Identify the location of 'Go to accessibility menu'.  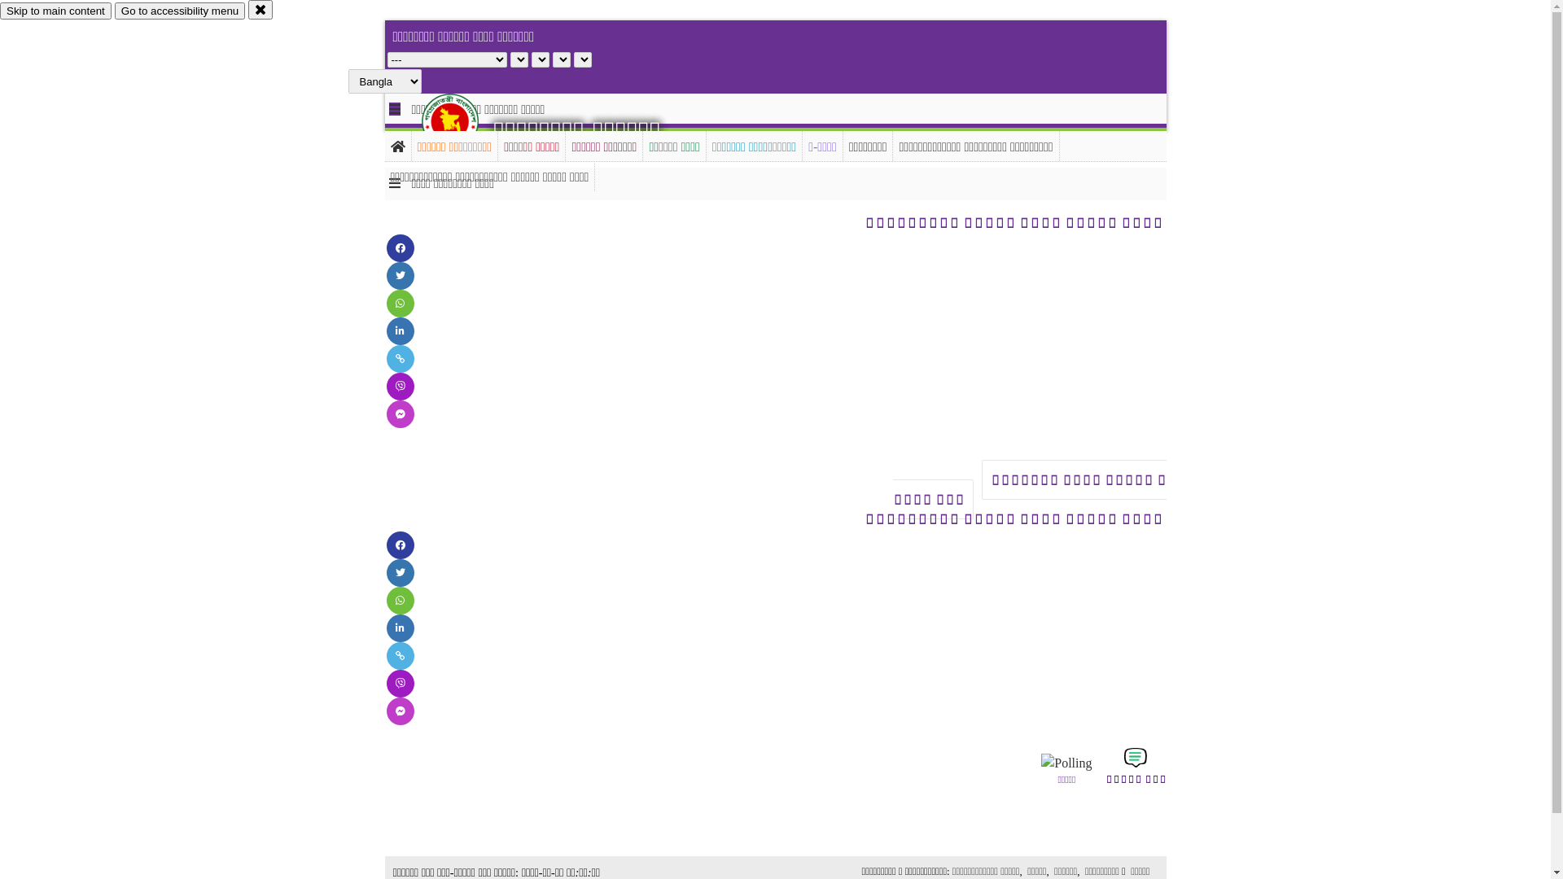
(179, 11).